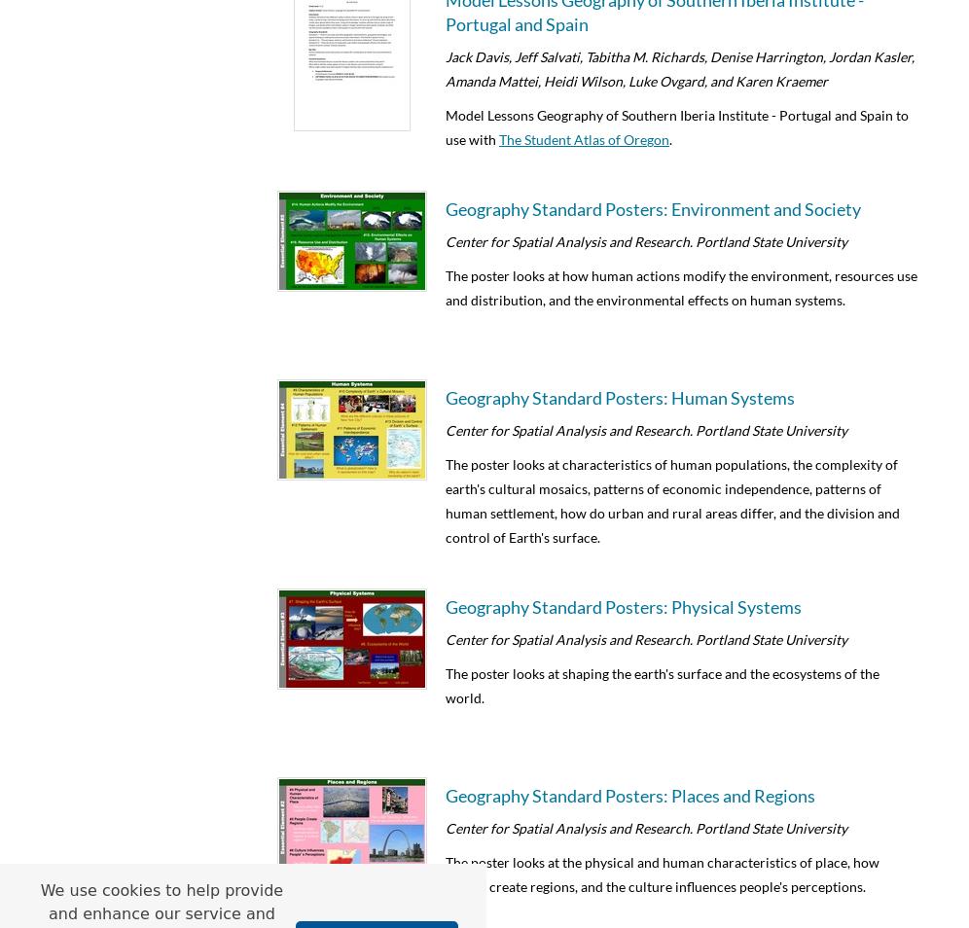 The width and height of the screenshot is (969, 928). What do you see at coordinates (672, 499) in the screenshot?
I see `'The poster looks at characteristics of human populations, the complexity of earth's cultural mosaics, patterns of economic independence, patterns of human settlement, how do urban and rural areas differ, and the division and control of Earth's surface.'` at bounding box center [672, 499].